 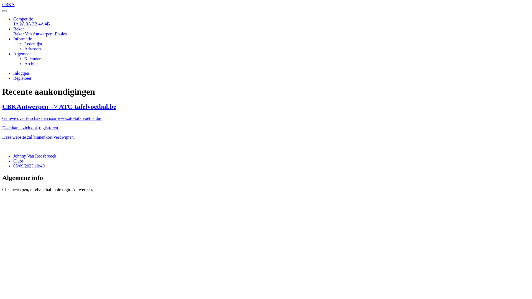 What do you see at coordinates (22, 78) in the screenshot?
I see `'Registreer'` at bounding box center [22, 78].